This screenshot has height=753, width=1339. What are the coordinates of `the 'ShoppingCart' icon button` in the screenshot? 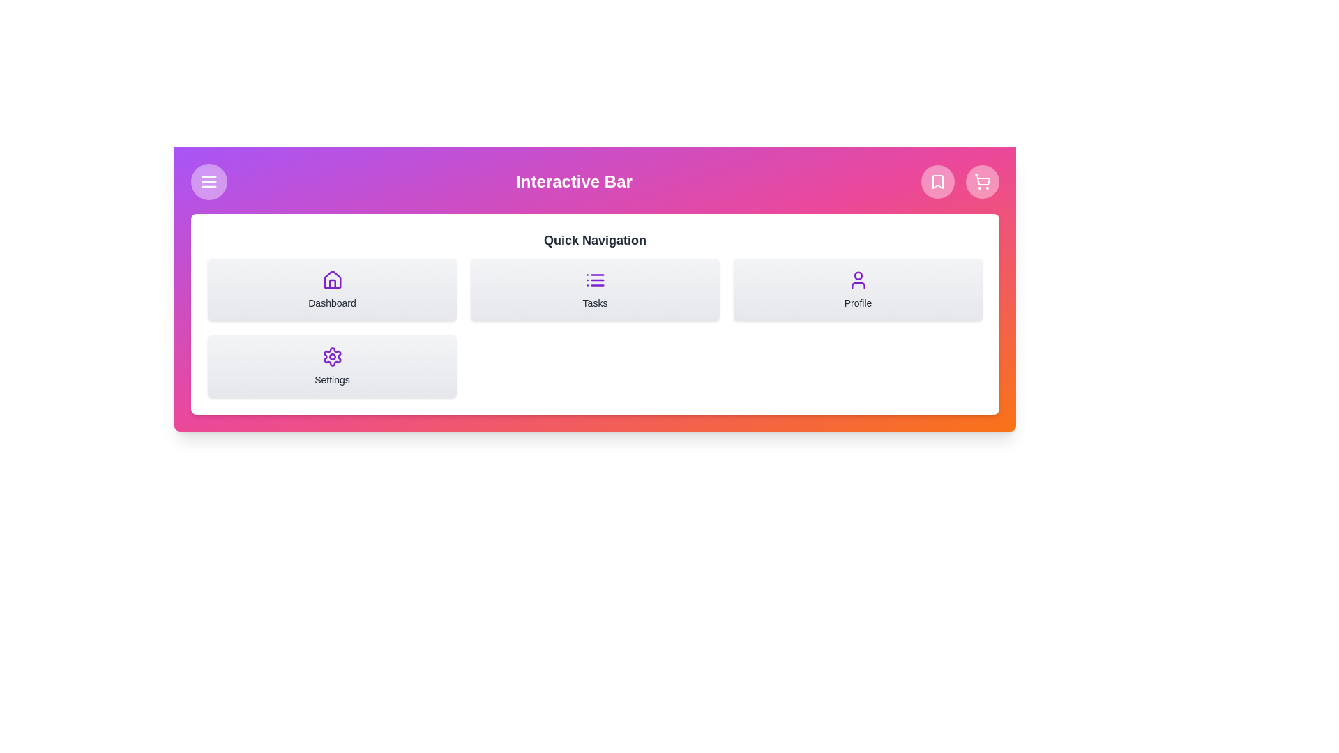 It's located at (982, 181).